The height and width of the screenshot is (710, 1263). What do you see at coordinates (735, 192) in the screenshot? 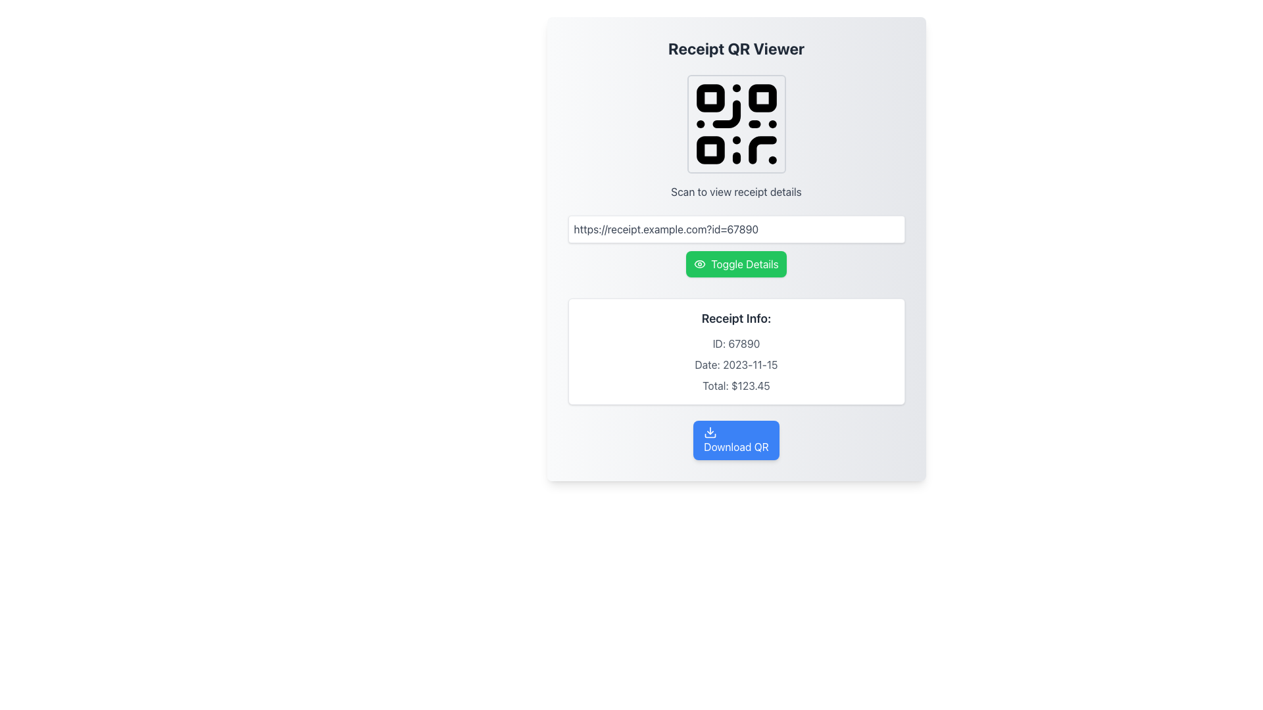
I see `the static informative text that prompts users to scan the QR code above for receipt details, located centrally below the QR code image` at bounding box center [735, 192].